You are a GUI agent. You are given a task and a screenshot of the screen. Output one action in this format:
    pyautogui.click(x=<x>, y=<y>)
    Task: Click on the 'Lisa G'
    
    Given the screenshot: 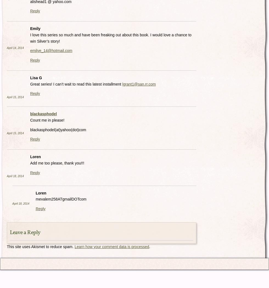 What is the action you would take?
    pyautogui.click(x=36, y=77)
    